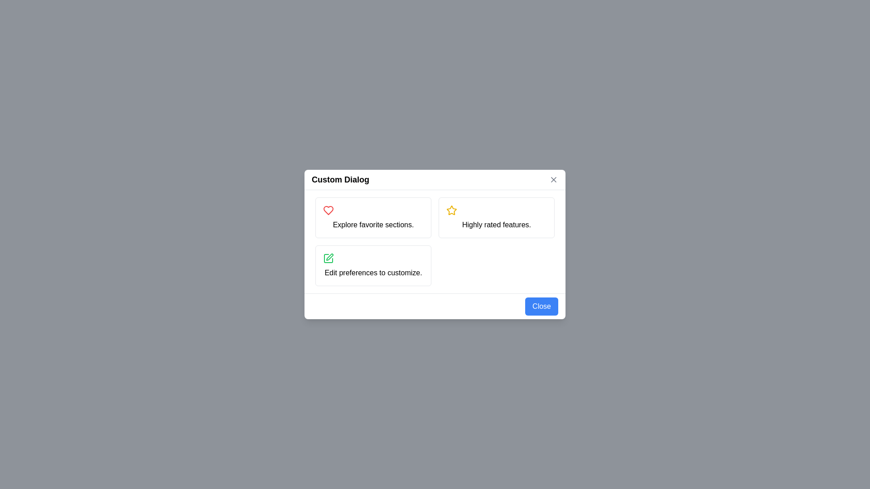 The height and width of the screenshot is (489, 870). I want to click on the heart-shaped icon with a red stroke located in the top-left section of the 'Custom Dialog' button grid, so click(328, 211).